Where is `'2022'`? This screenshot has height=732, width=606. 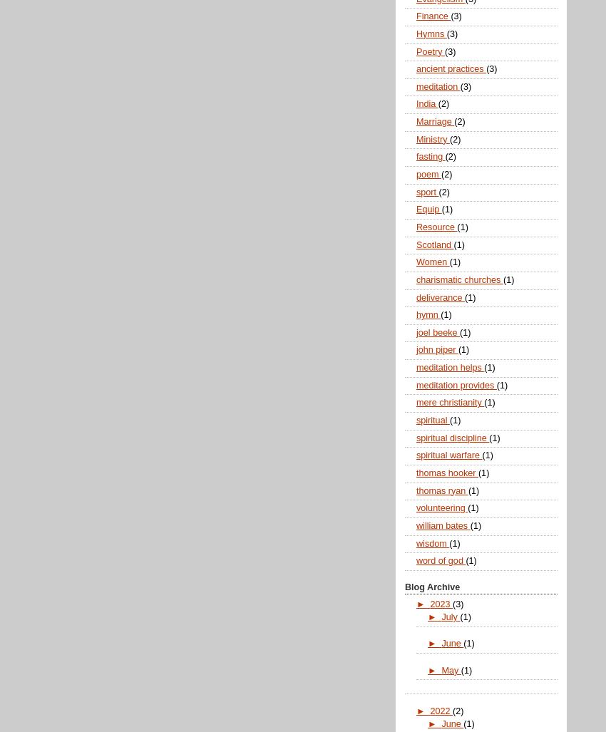 '2022' is located at coordinates (440, 710).